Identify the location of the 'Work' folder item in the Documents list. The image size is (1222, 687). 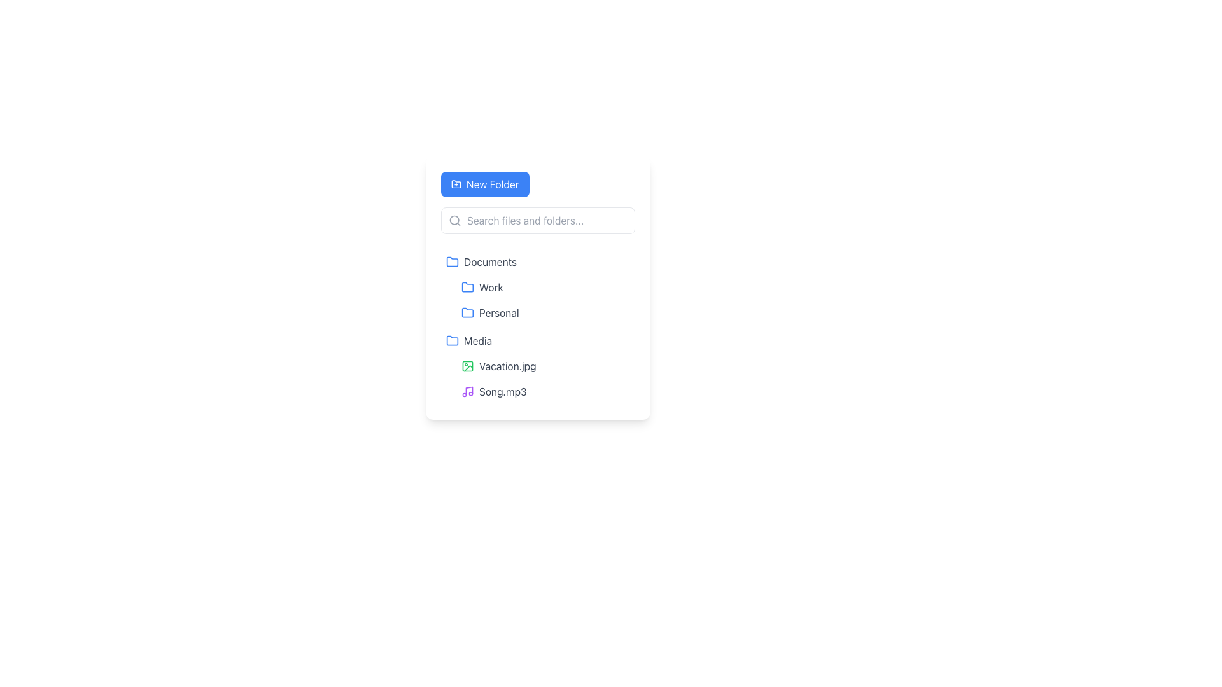
(545, 287).